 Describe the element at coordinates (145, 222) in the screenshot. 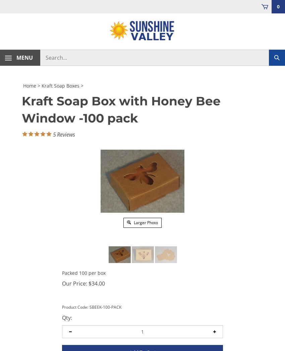

I see `'Larger Photo'` at that location.